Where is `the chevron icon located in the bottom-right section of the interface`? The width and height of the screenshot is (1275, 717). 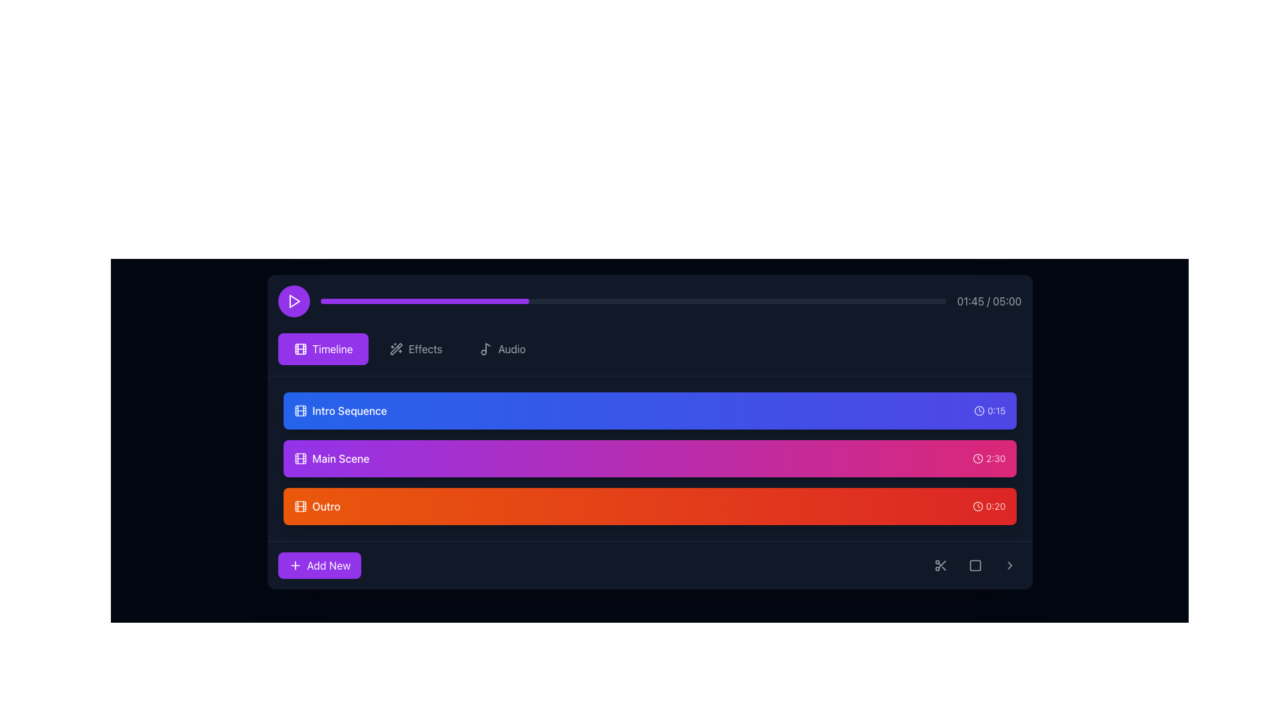 the chevron icon located in the bottom-right section of the interface is located at coordinates (1009, 566).